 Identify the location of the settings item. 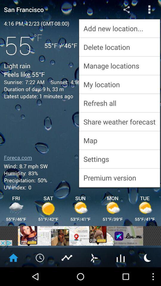
(119, 158).